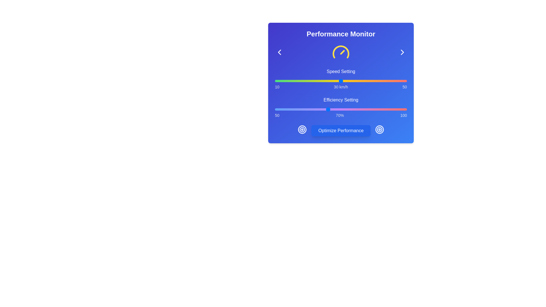 The width and height of the screenshot is (546, 307). Describe the element at coordinates (371, 81) in the screenshot. I see `the speed setting to 39 km/h by interacting with the slider` at that location.